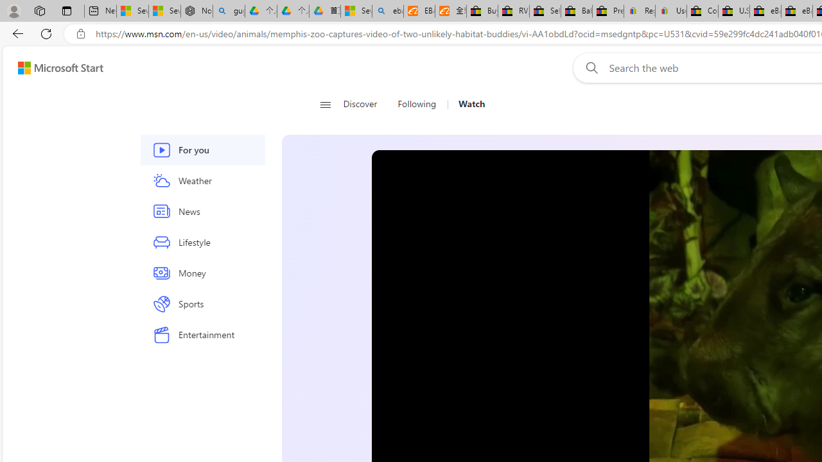 The height and width of the screenshot is (462, 822). I want to click on 'Register: Create a personal eBay account', so click(639, 11).